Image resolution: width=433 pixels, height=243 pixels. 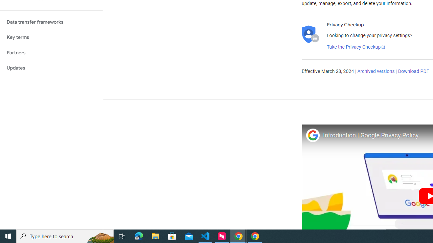 I want to click on 'Partners', so click(x=51, y=52).